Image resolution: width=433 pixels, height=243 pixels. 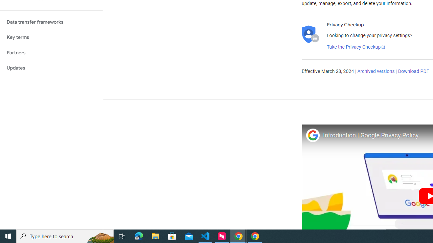 I want to click on 'Partners', so click(x=51, y=52).